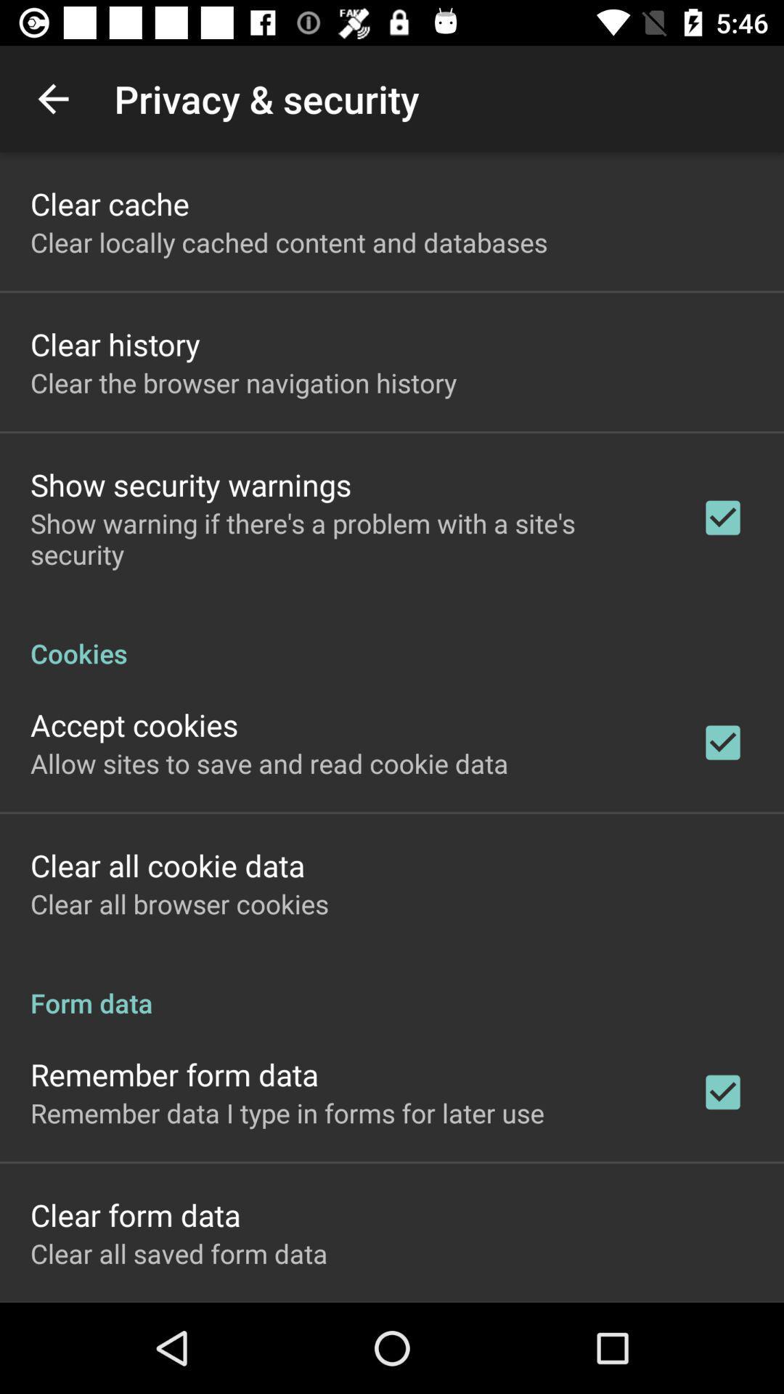  Describe the element at coordinates (52, 98) in the screenshot. I see `the item next to privacy & security` at that location.